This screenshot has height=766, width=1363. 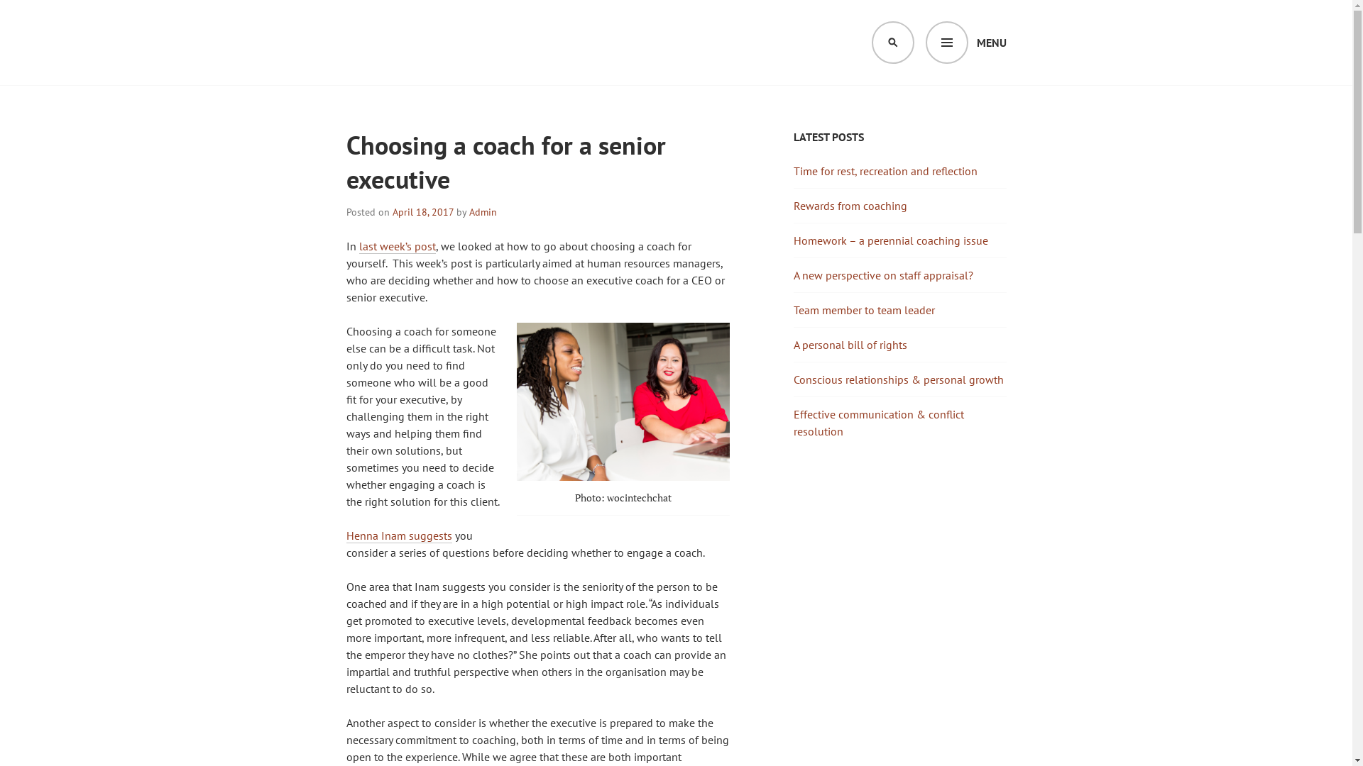 What do you see at coordinates (882, 275) in the screenshot?
I see `'A new perspective on staff appraisal?'` at bounding box center [882, 275].